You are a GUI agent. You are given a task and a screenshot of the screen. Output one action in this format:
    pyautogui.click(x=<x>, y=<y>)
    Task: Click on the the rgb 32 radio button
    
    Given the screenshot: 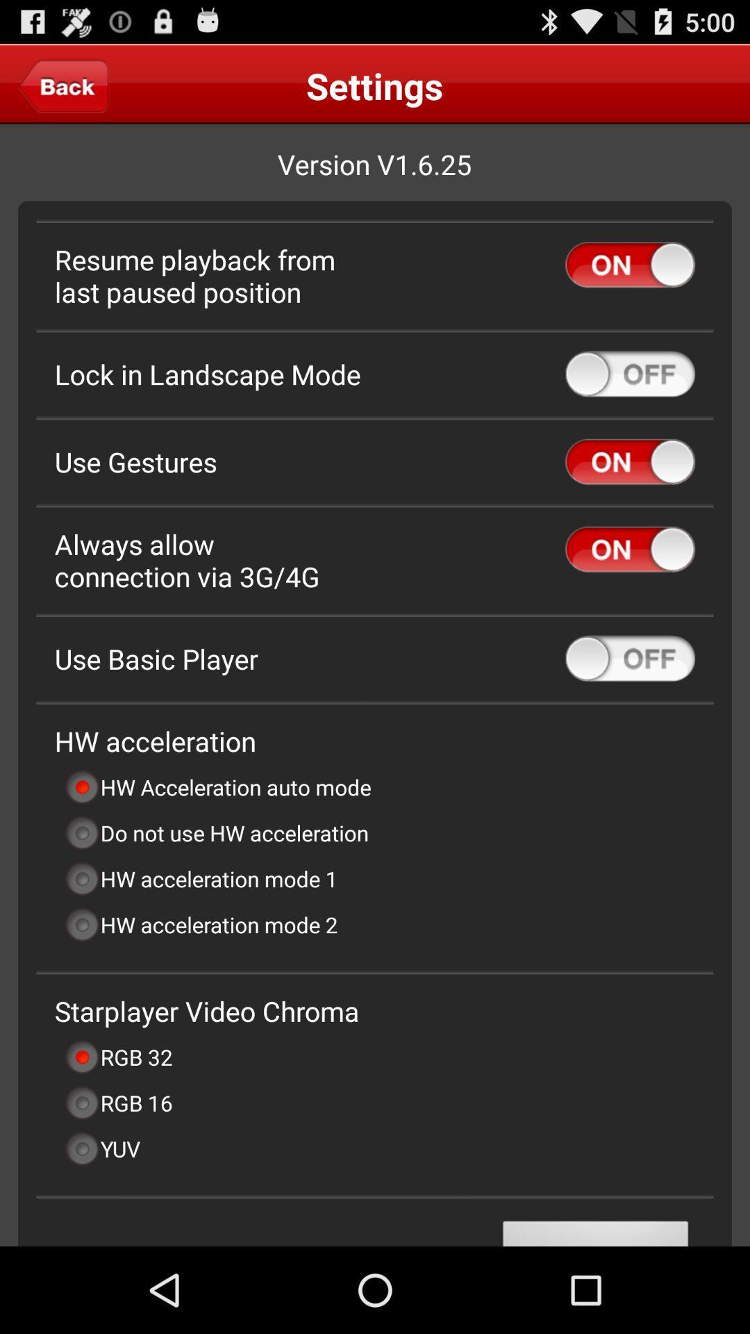 What is the action you would take?
    pyautogui.click(x=117, y=1056)
    